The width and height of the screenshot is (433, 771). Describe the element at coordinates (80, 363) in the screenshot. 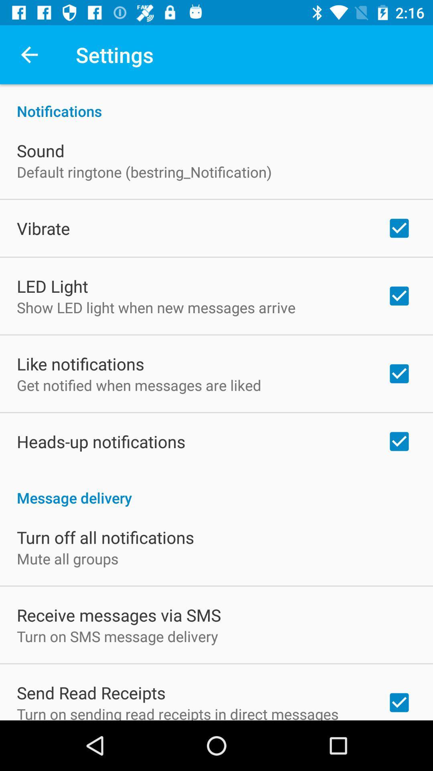

I see `icon above the get notified when` at that location.